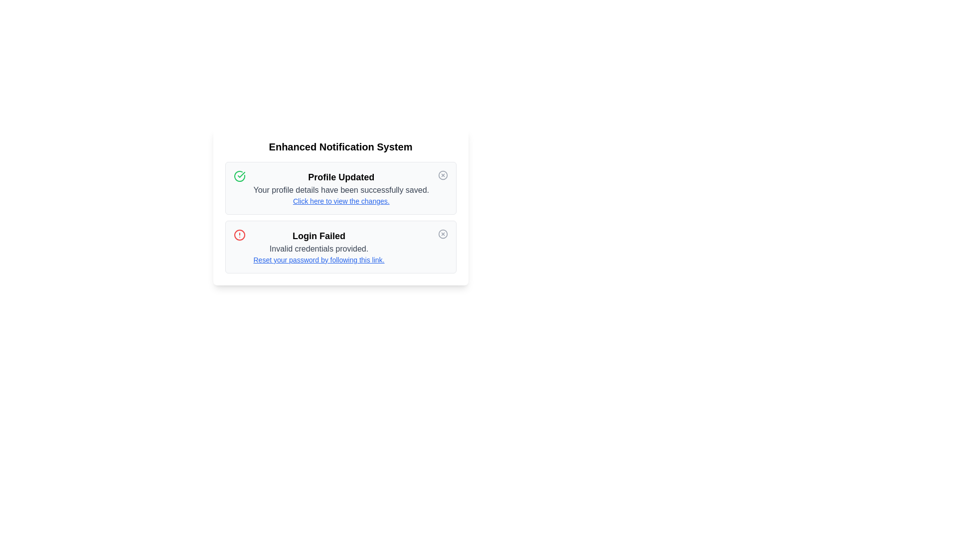 This screenshot has height=538, width=957. Describe the element at coordinates (239, 176) in the screenshot. I see `the icon representing the alert severity` at that location.